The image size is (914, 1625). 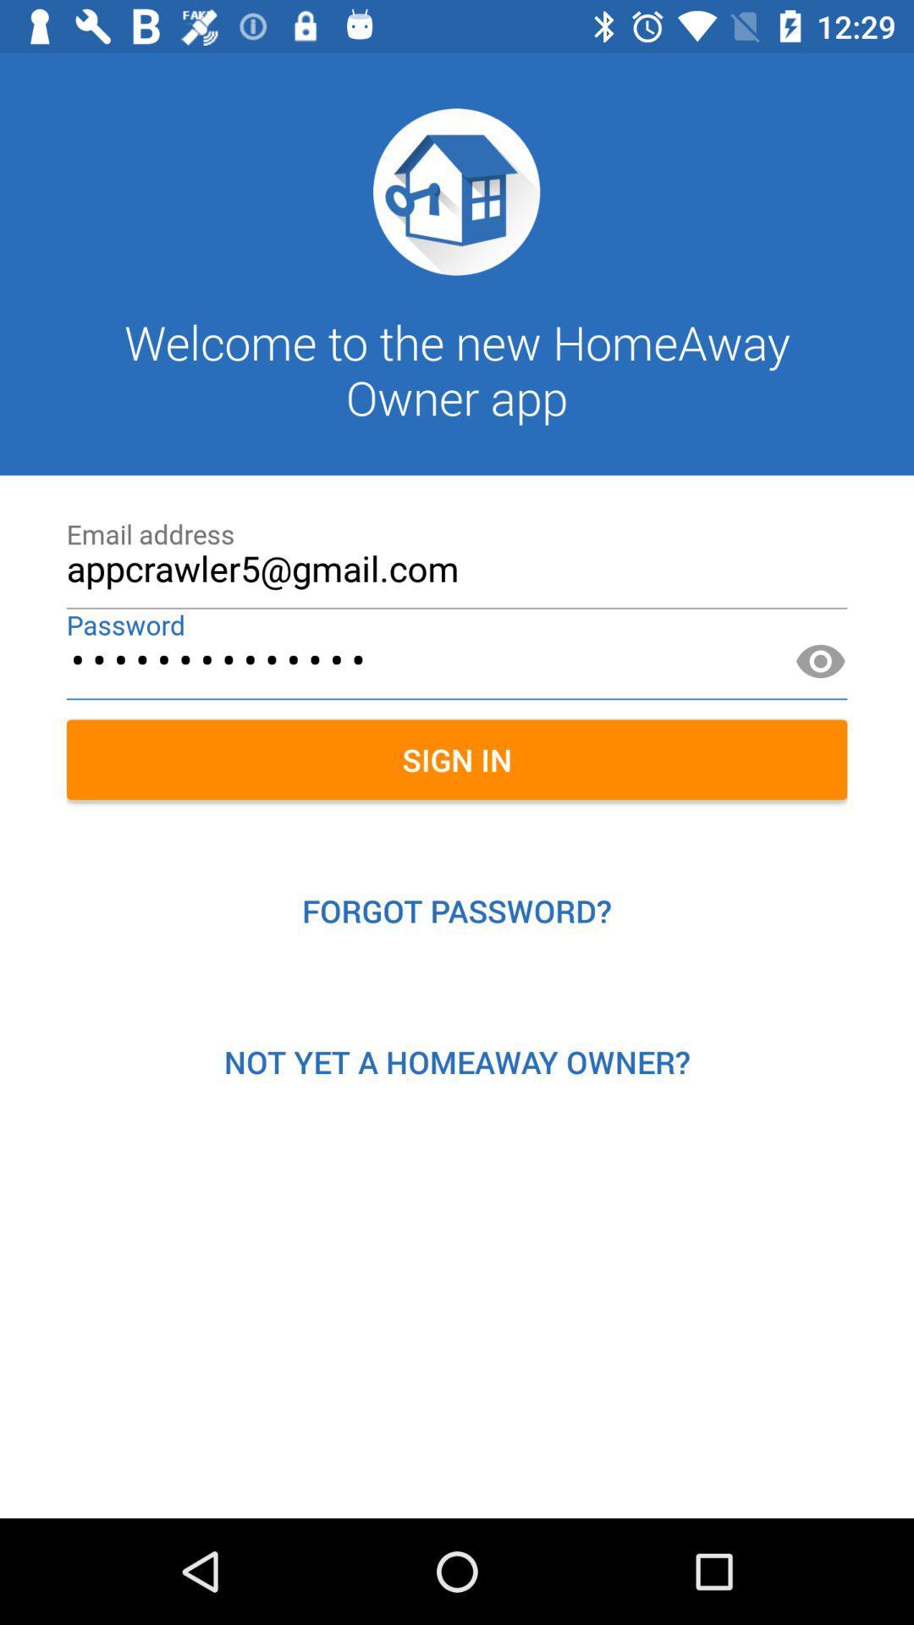 What do you see at coordinates (819, 669) in the screenshot?
I see `the visibility icon` at bounding box center [819, 669].